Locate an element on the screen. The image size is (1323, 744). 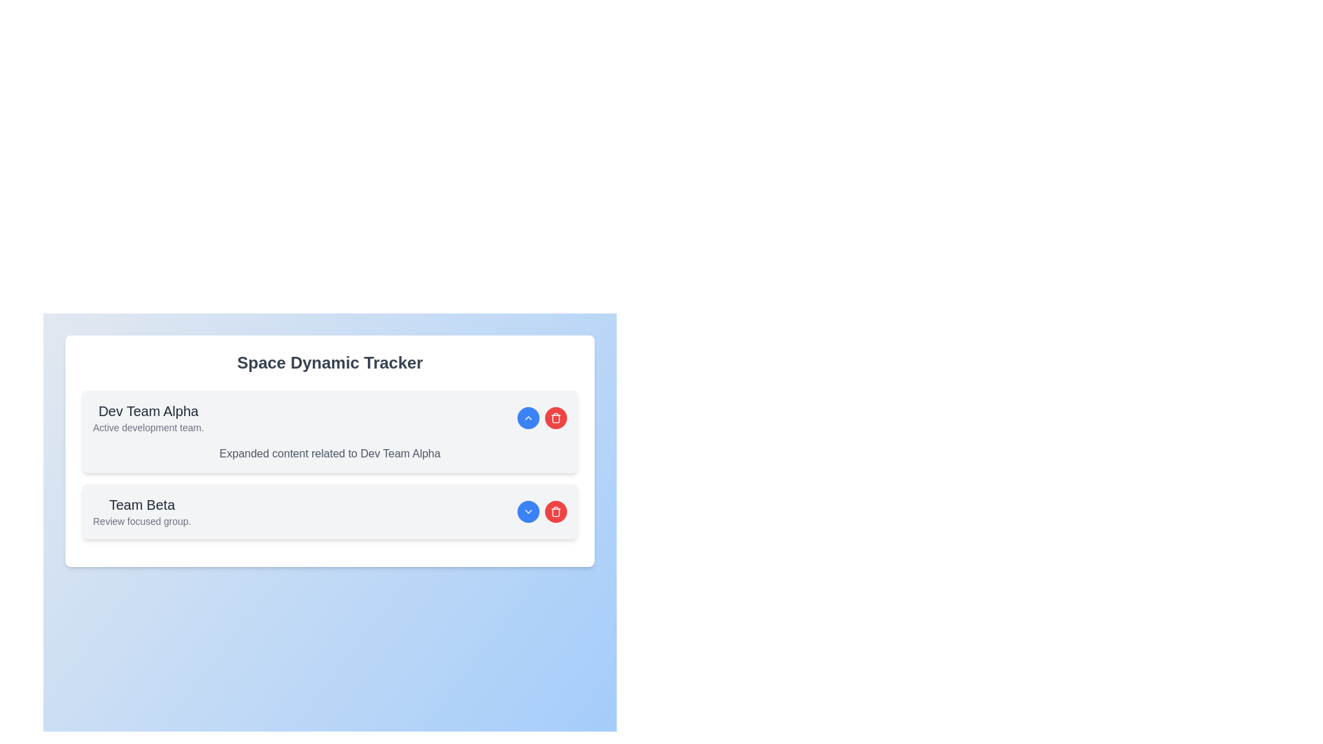
the delete button located near the top-right corner of the 'Dev Team Alpha' group, adjacent to the blue upward-pointing arrow button for accessibility is located at coordinates (555, 417).